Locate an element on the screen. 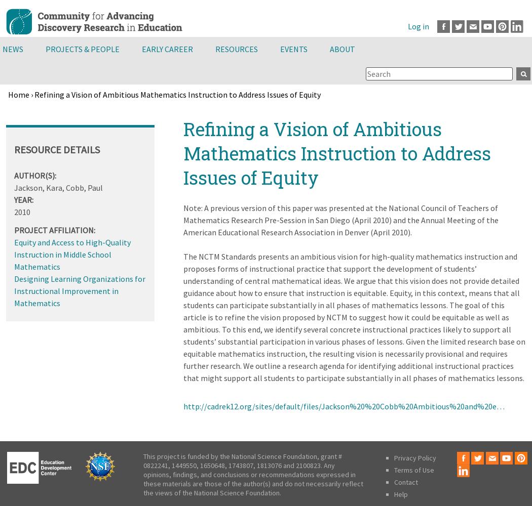 This screenshot has width=532, height=506. 'PROJECT AFFILIATION:' is located at coordinates (55, 229).